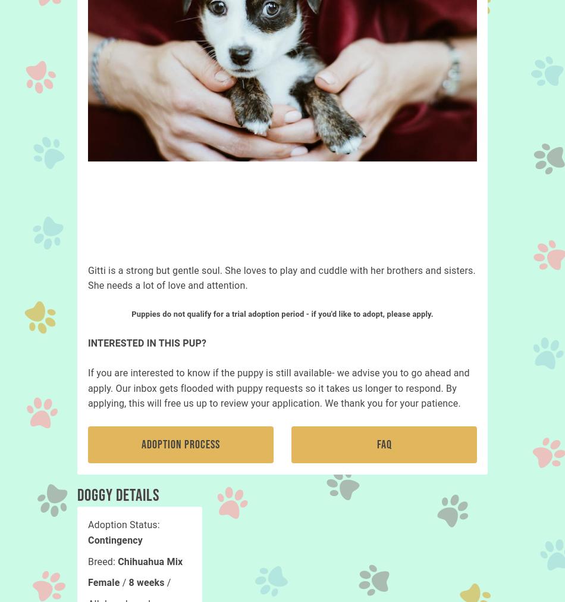 This screenshot has width=565, height=602. Describe the element at coordinates (131, 313) in the screenshot. I see `'Puppies do not qualify for a trial adoption period - if you'd like to adopt, please apply.'` at that location.